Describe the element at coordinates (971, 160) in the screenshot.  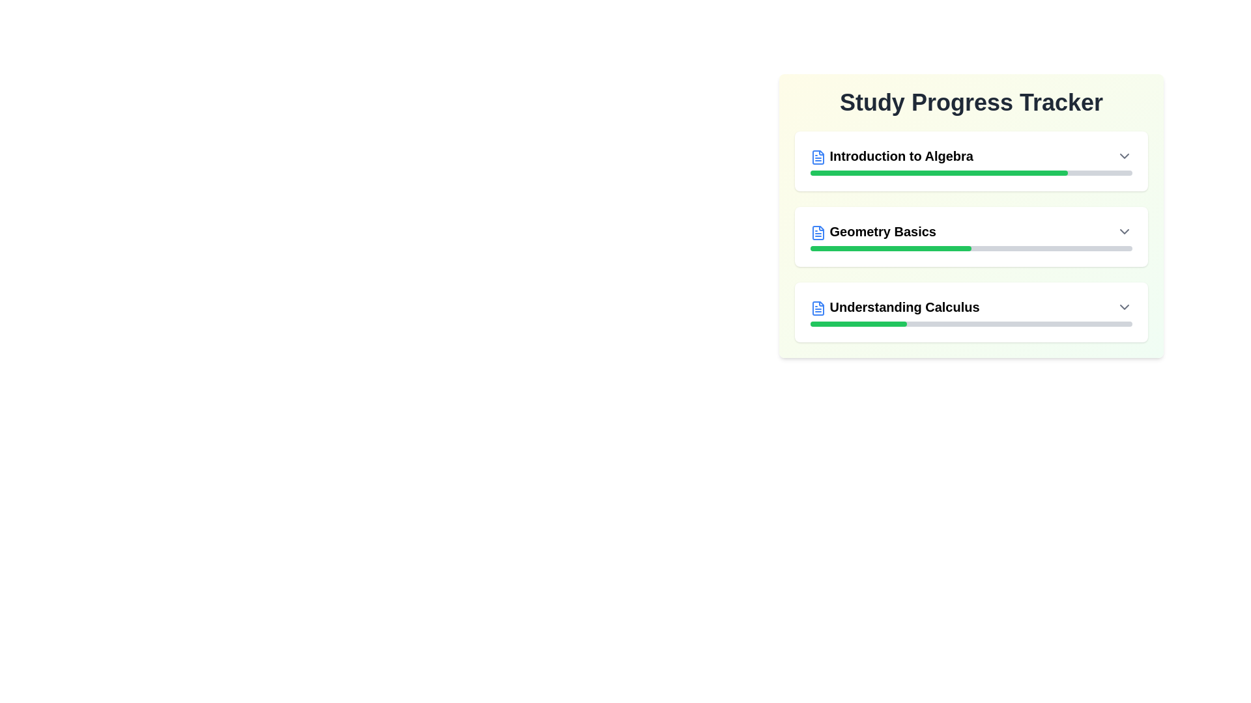
I see `the green progress bar of the 'Introduction to Algebra' card, which is the first card in the 'Study Progress Tracker' section` at that location.